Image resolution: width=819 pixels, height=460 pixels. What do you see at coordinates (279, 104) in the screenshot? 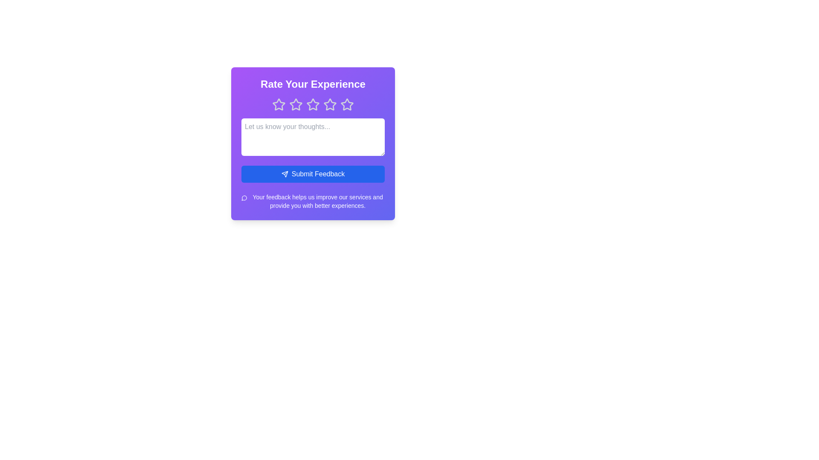
I see `the first star-shaped icon in the rating interface` at bounding box center [279, 104].